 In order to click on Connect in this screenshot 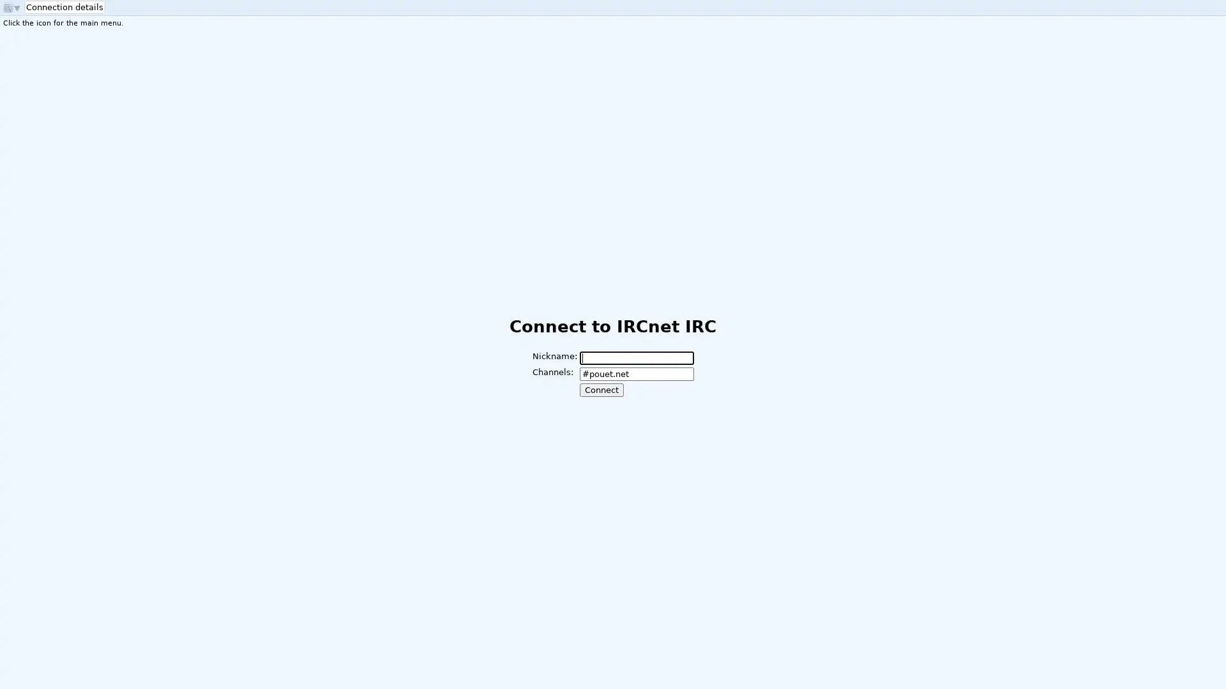, I will do `click(600, 389)`.